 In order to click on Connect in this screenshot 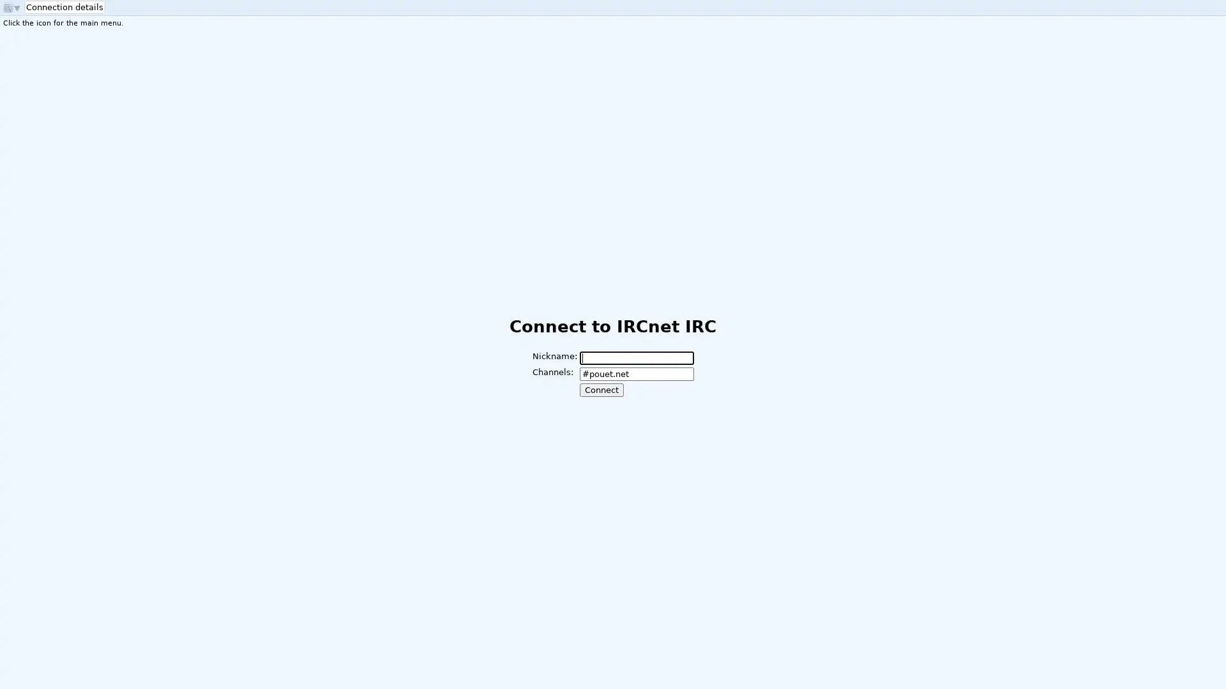, I will do `click(600, 389)`.